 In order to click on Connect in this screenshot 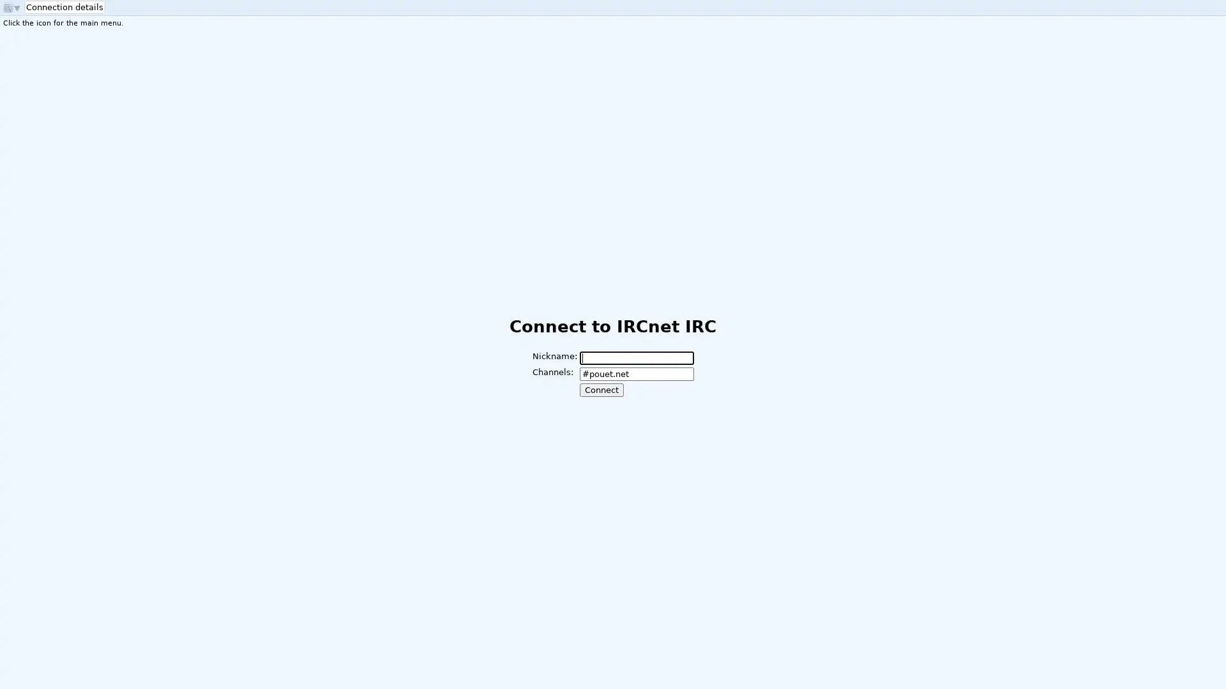, I will do `click(600, 389)`.